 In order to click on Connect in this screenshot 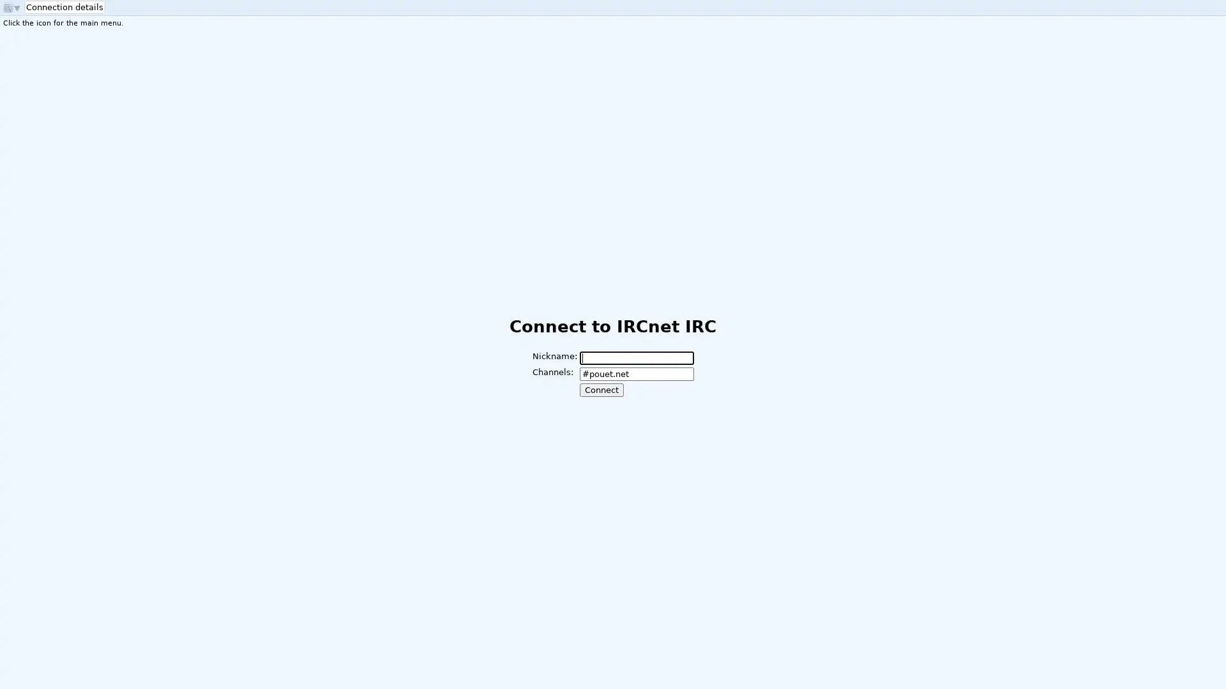, I will do `click(600, 389)`.